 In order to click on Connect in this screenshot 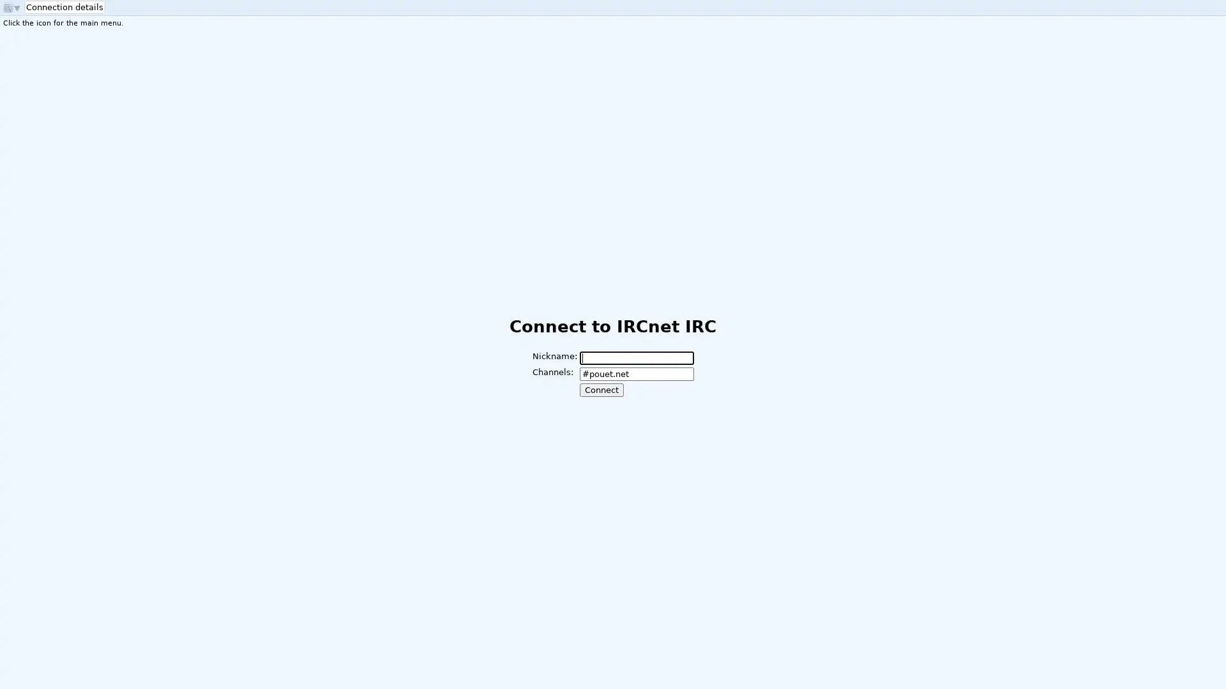, I will do `click(600, 389)`.